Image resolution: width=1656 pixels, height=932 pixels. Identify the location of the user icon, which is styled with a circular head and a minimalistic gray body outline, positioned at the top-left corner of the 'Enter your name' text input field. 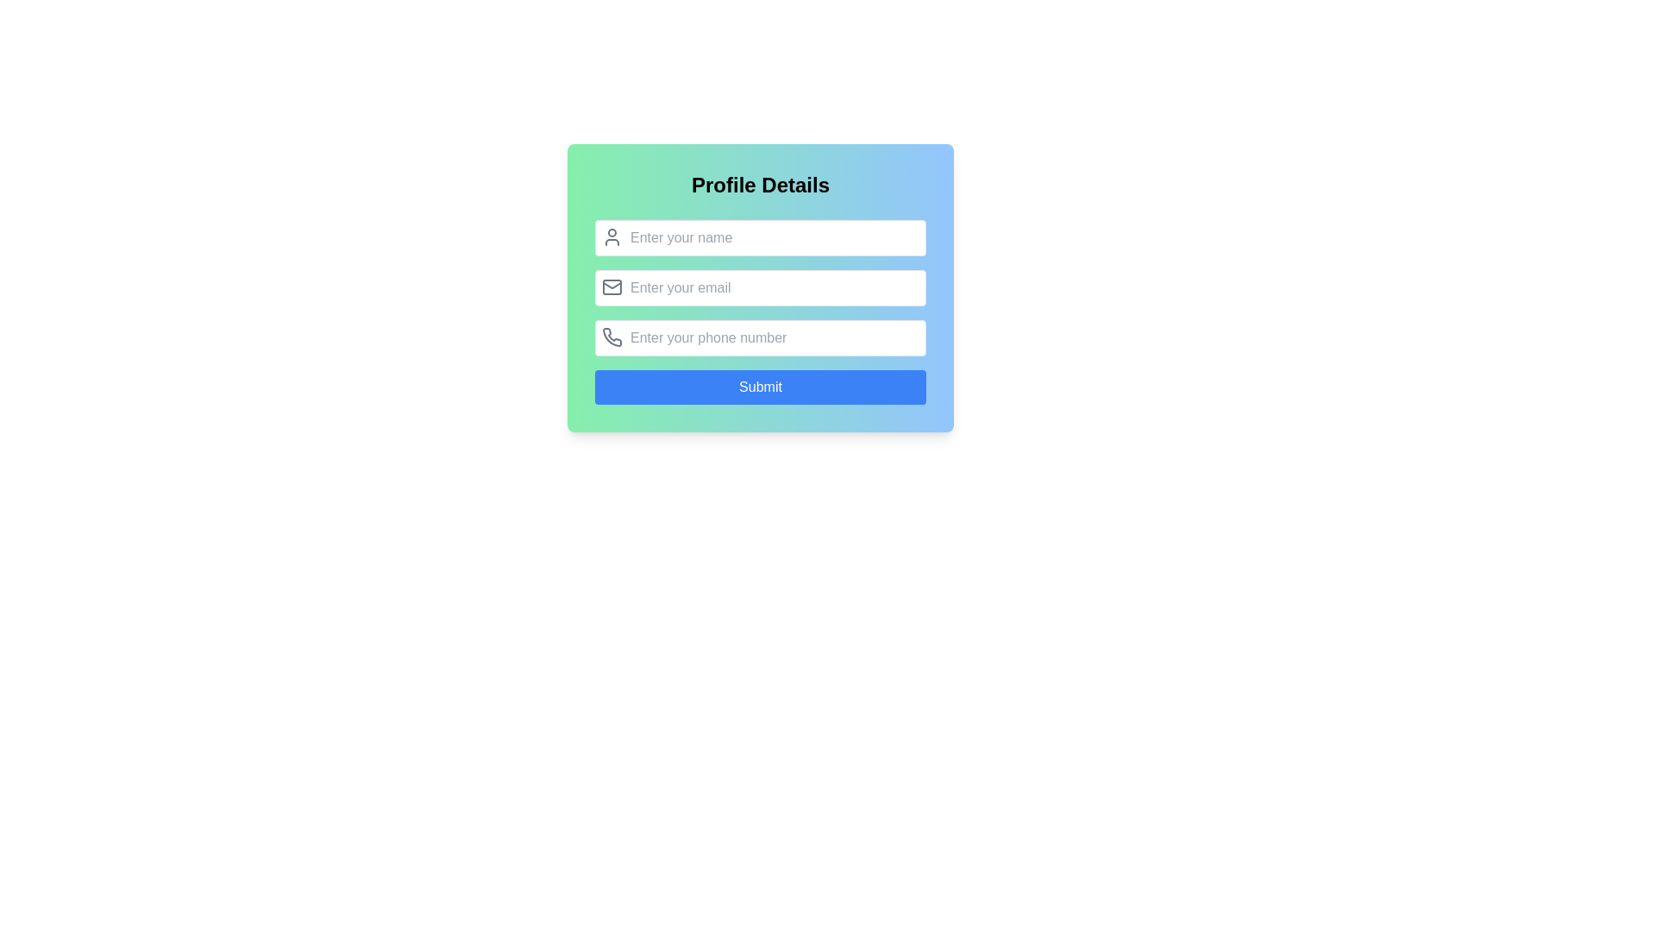
(612, 236).